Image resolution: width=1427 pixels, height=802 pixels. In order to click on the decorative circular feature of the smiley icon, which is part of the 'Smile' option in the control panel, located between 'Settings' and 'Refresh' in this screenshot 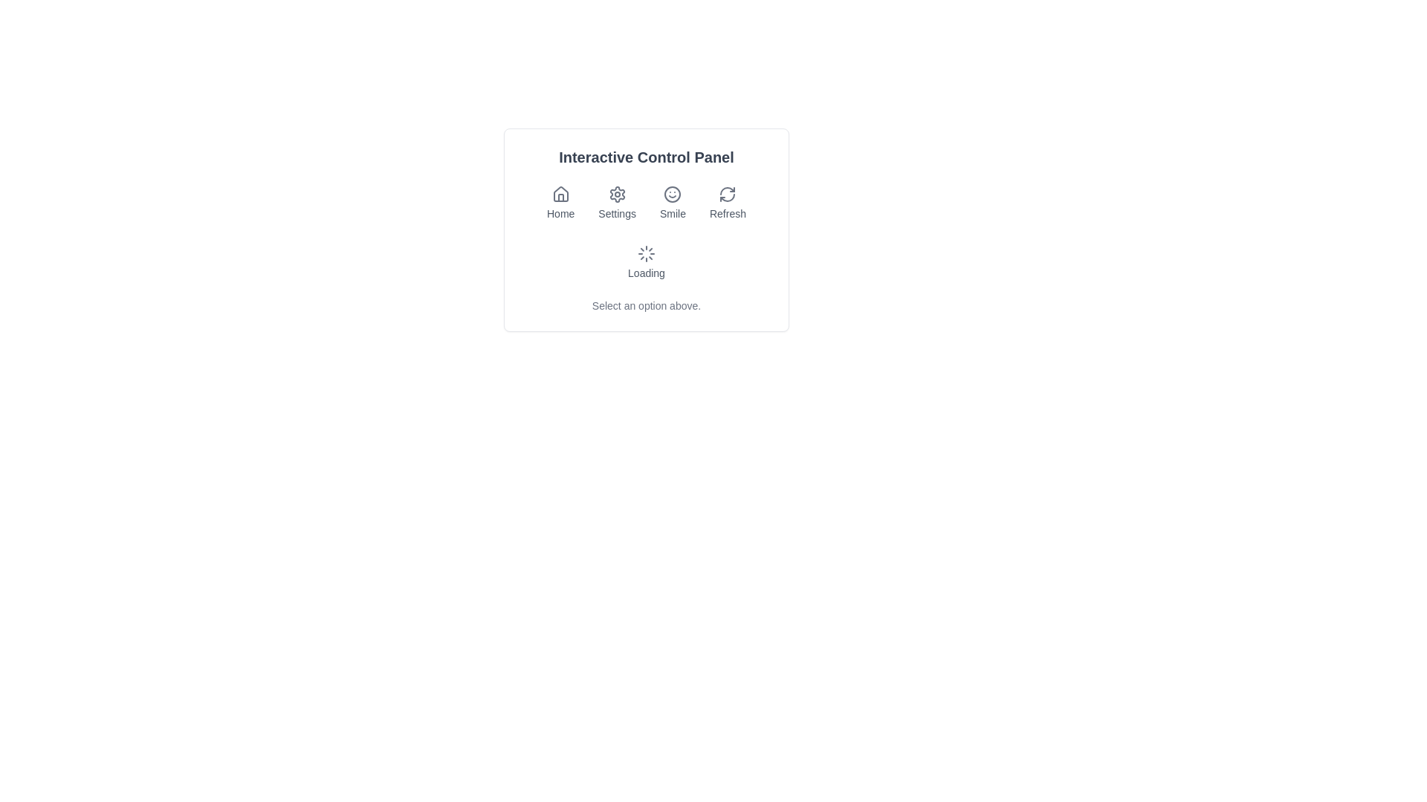, I will do `click(672, 194)`.